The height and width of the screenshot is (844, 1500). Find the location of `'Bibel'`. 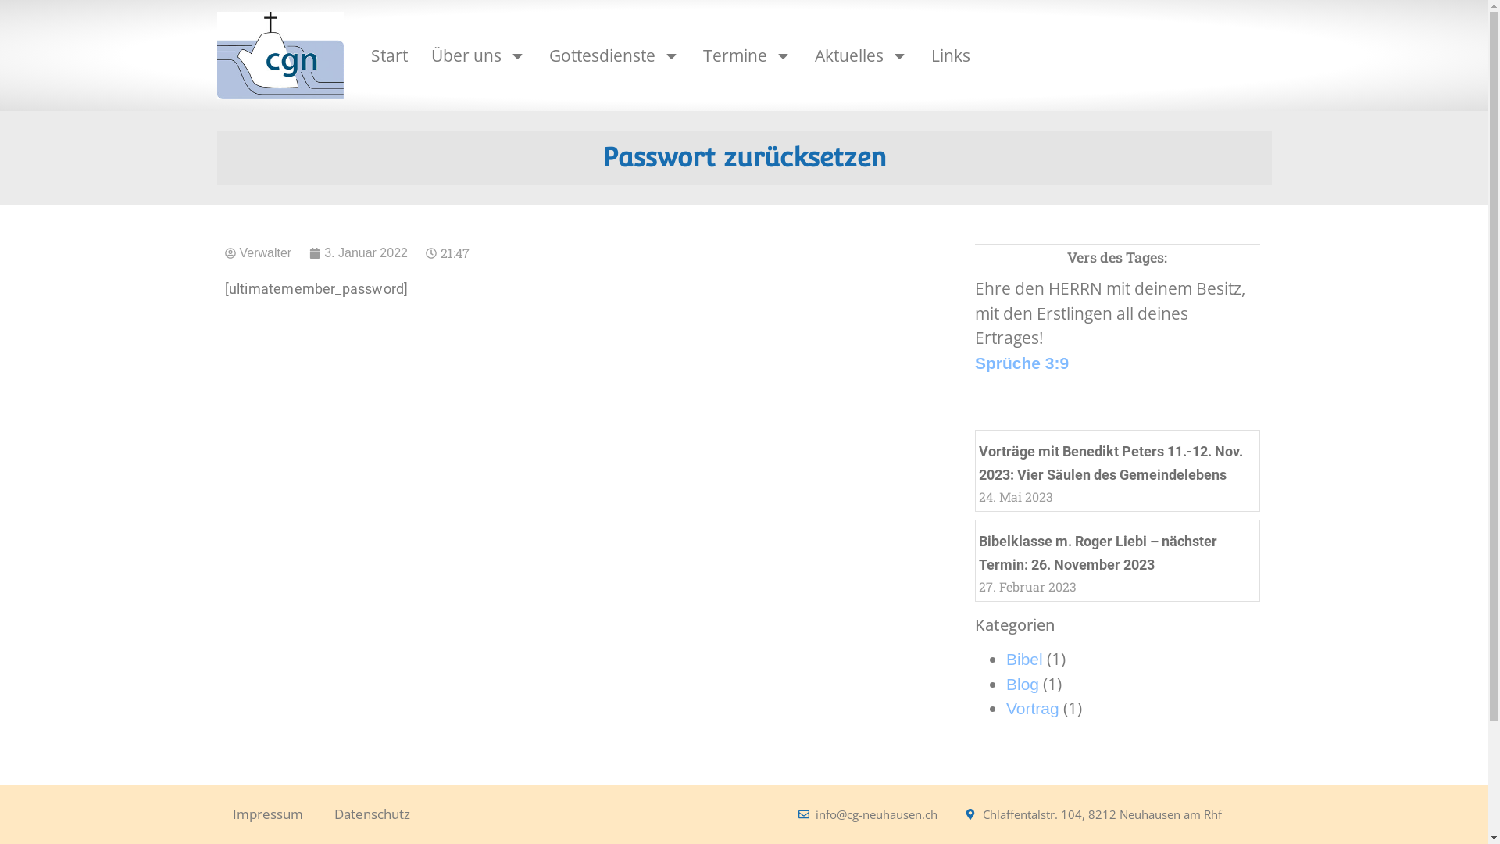

'Bibel' is located at coordinates (1024, 659).